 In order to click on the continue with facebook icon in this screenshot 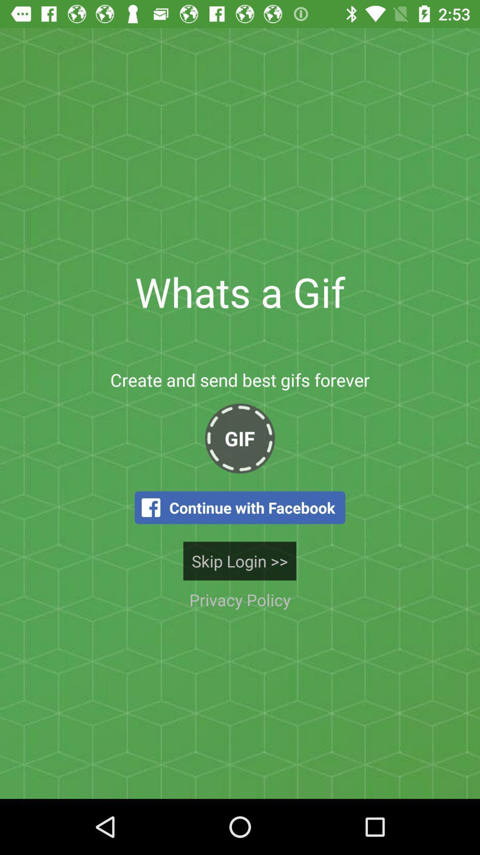, I will do `click(240, 508)`.